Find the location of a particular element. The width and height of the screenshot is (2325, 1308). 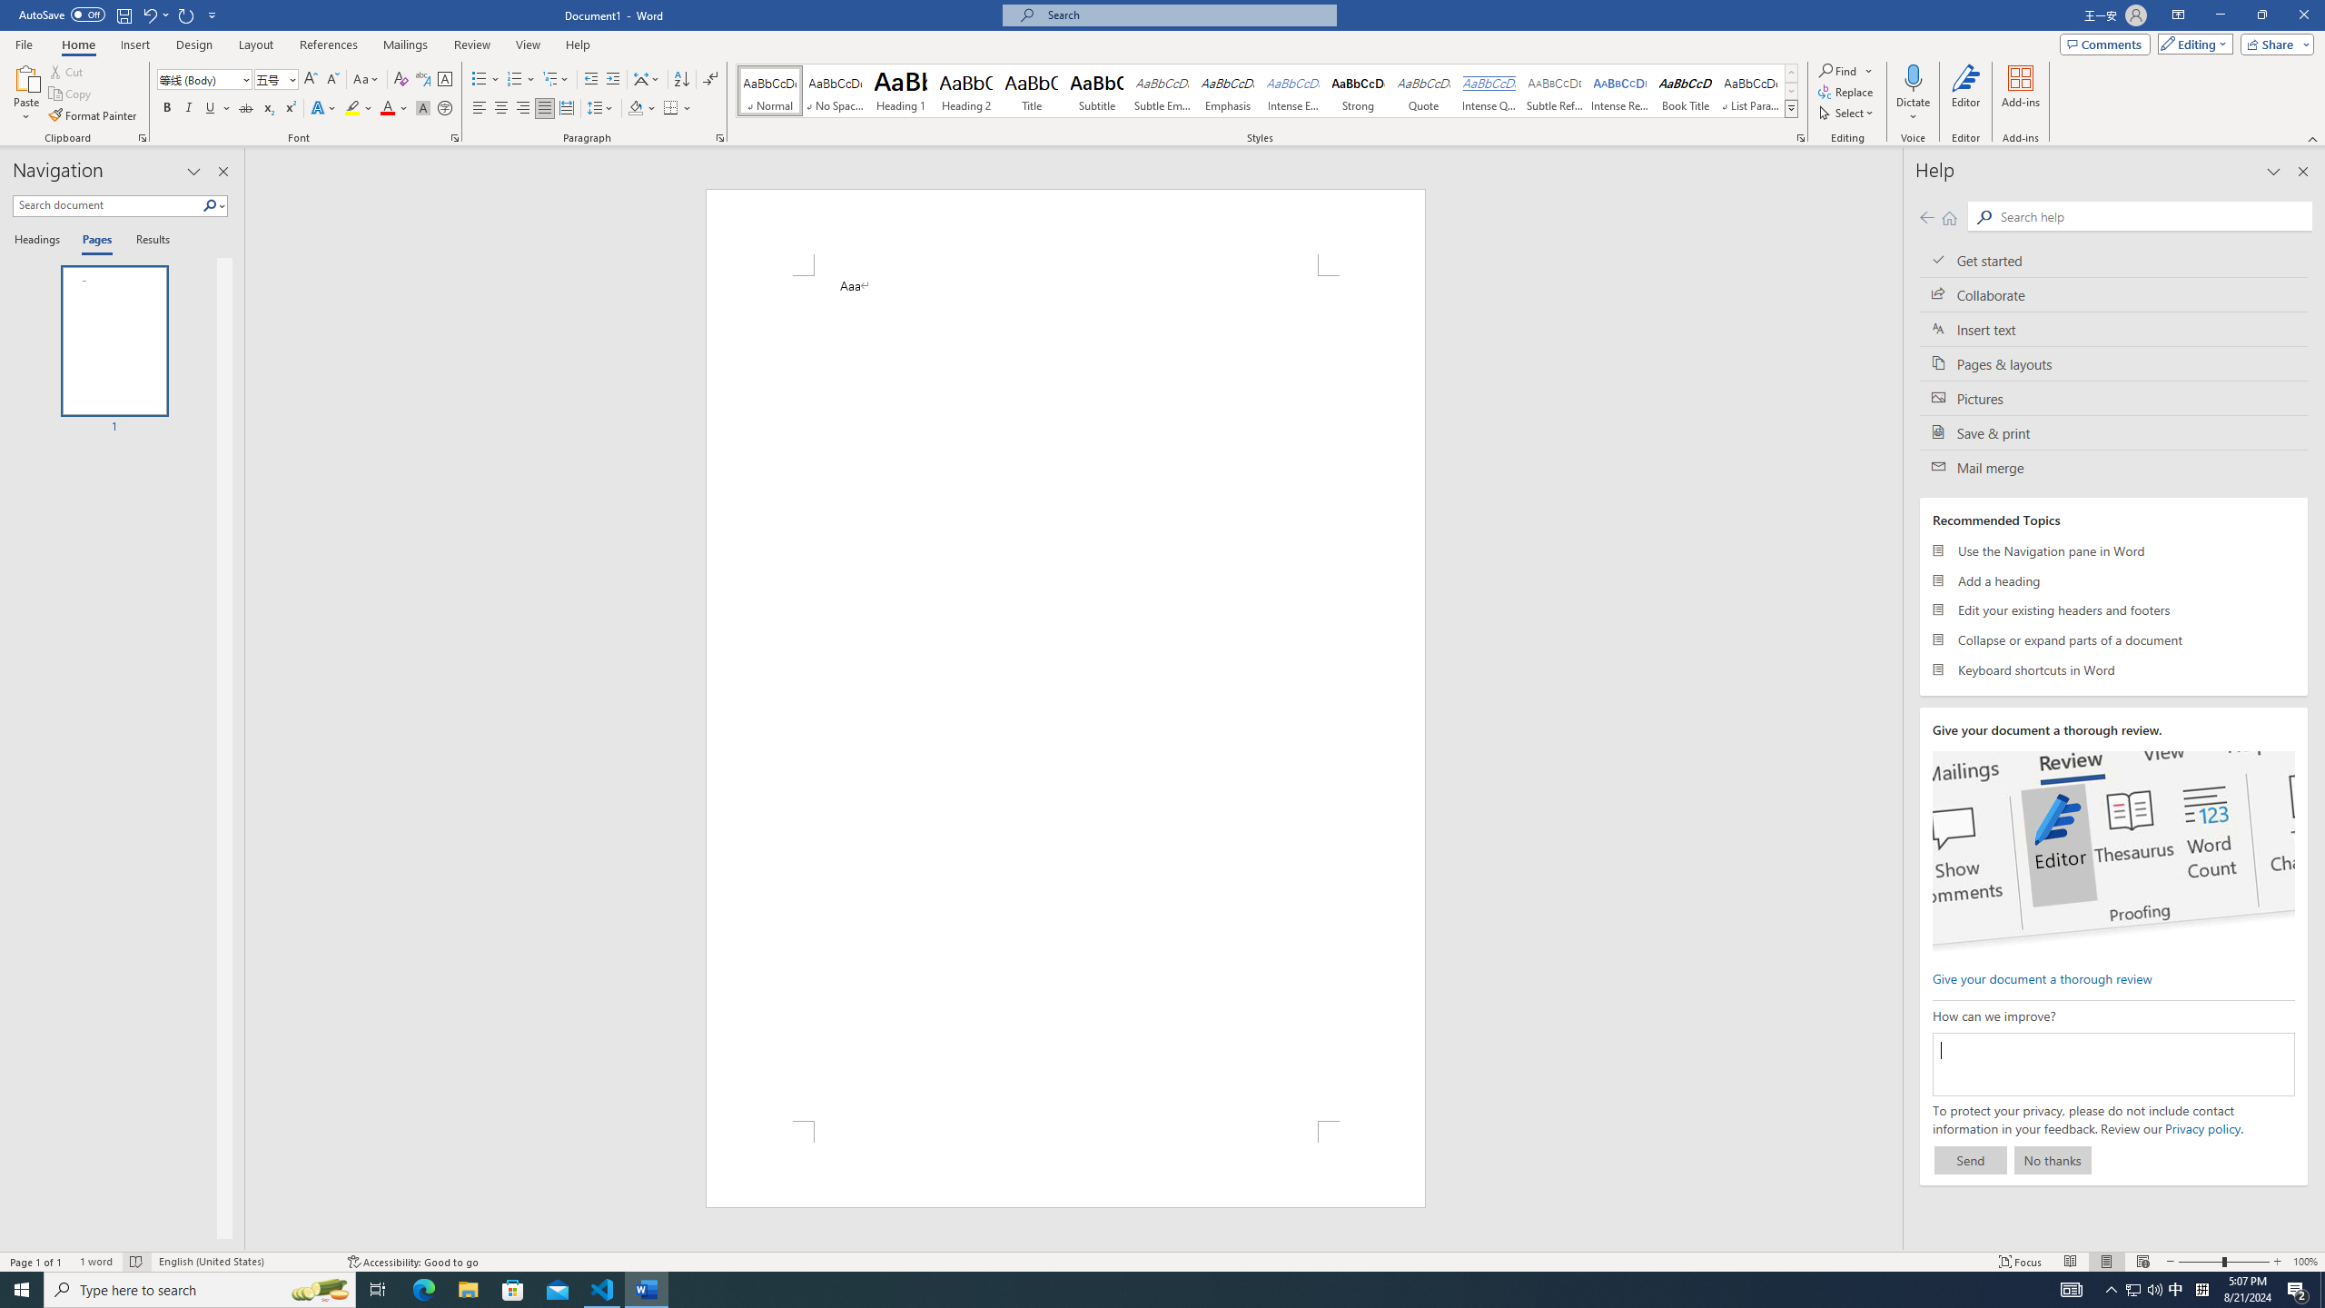

'Phonetic Guide...' is located at coordinates (421, 79).